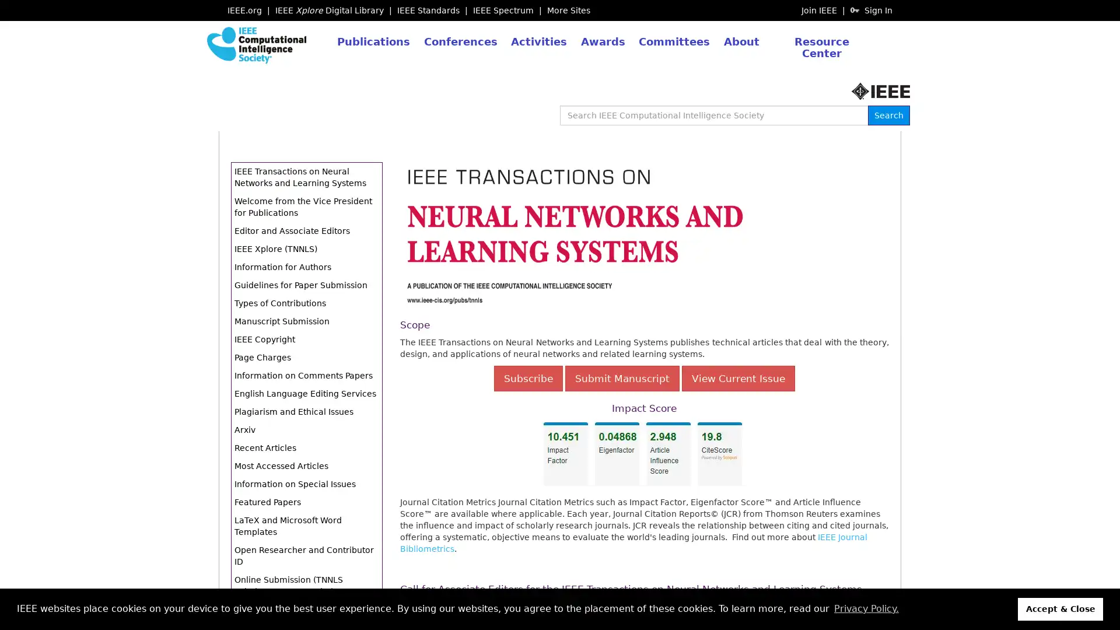 This screenshot has width=1120, height=630. I want to click on Subscribe, so click(527, 378).